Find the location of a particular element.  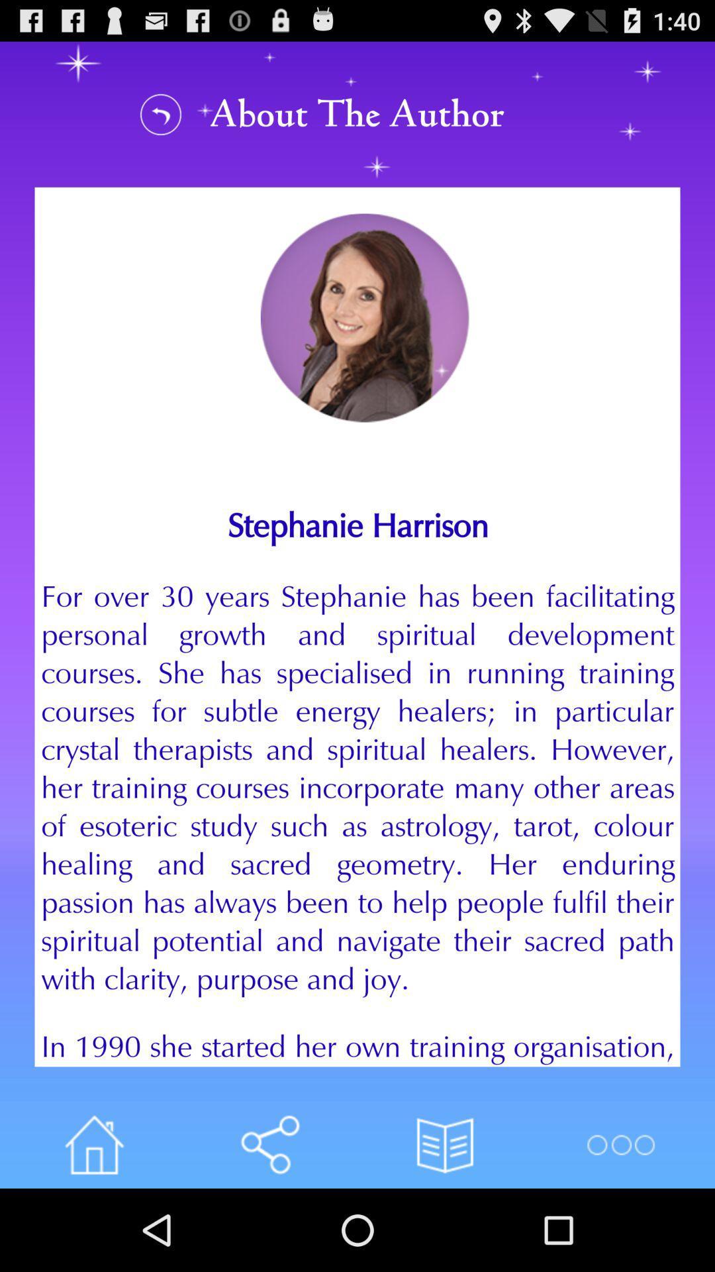

home button is located at coordinates (93, 1144).